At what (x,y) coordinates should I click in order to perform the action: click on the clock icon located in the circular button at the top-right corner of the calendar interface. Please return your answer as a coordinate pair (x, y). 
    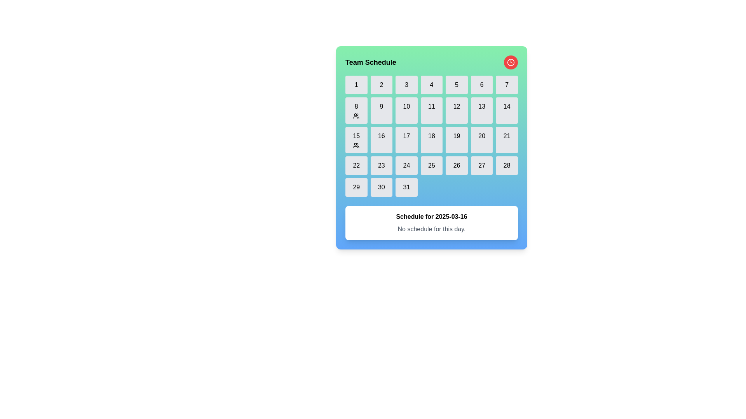
    Looking at the image, I should click on (511, 62).